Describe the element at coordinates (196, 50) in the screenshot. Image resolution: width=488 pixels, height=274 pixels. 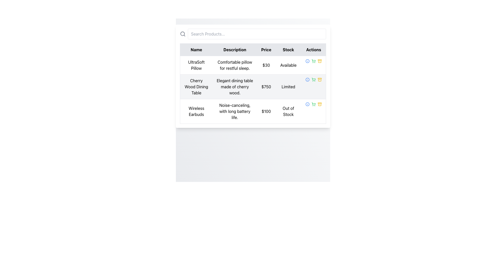
I see `the table header cell labeled 'Name'` at that location.